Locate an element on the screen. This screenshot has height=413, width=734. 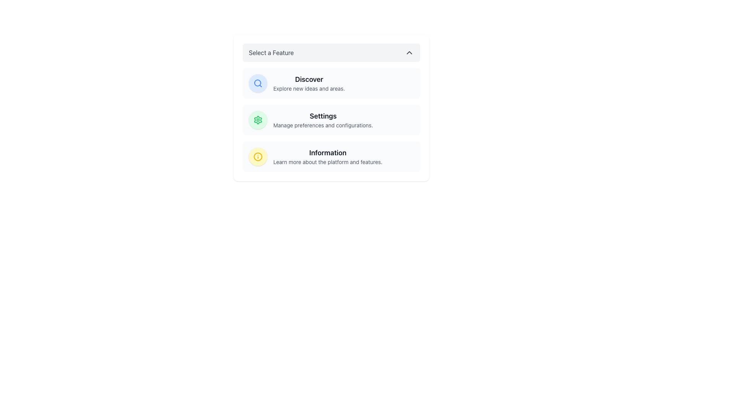
the SVG Graphic Icon shaped like a gear, which is located in the second row of the settings feature list is located at coordinates (258, 120).